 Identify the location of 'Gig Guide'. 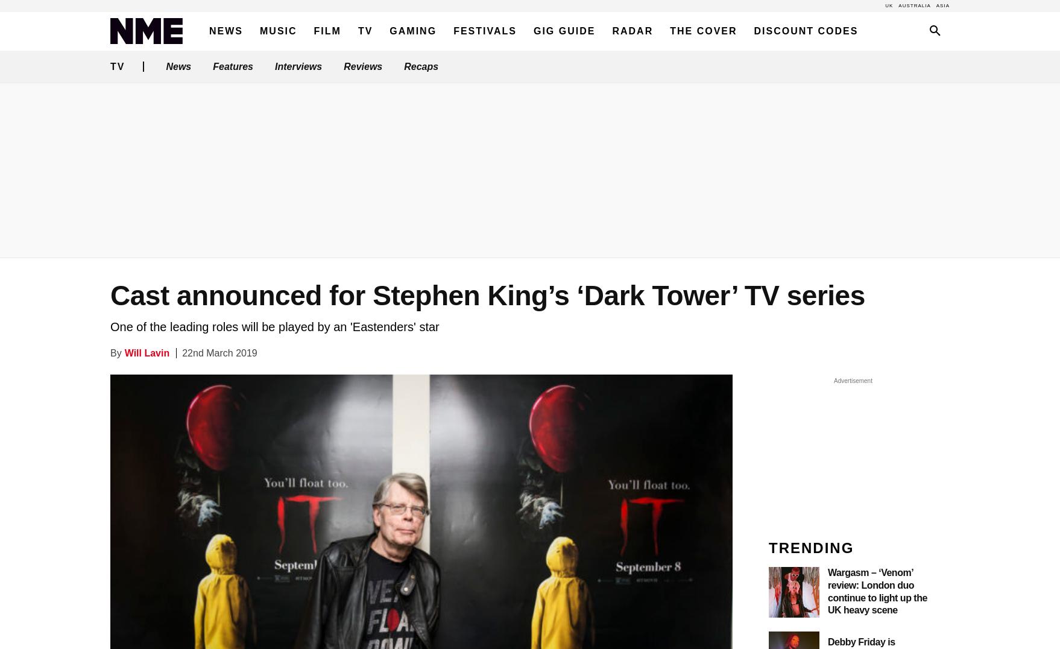
(532, 31).